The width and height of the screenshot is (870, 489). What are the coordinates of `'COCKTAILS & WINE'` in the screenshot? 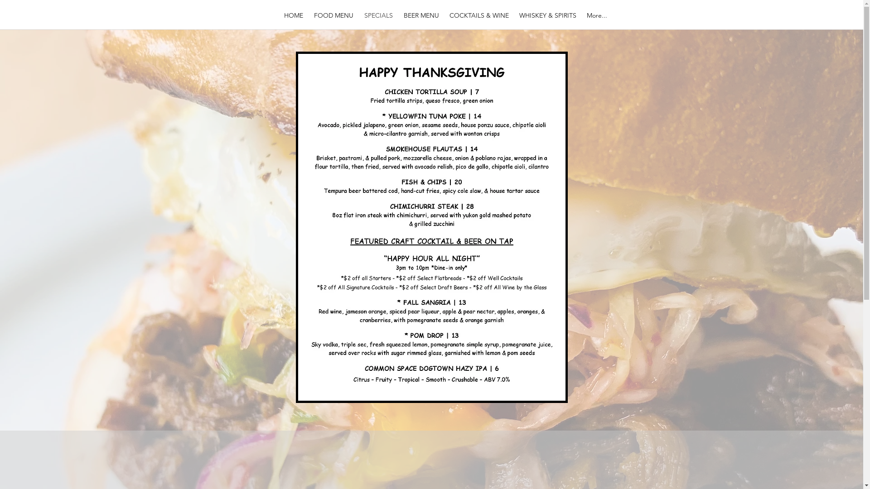 It's located at (478, 15).